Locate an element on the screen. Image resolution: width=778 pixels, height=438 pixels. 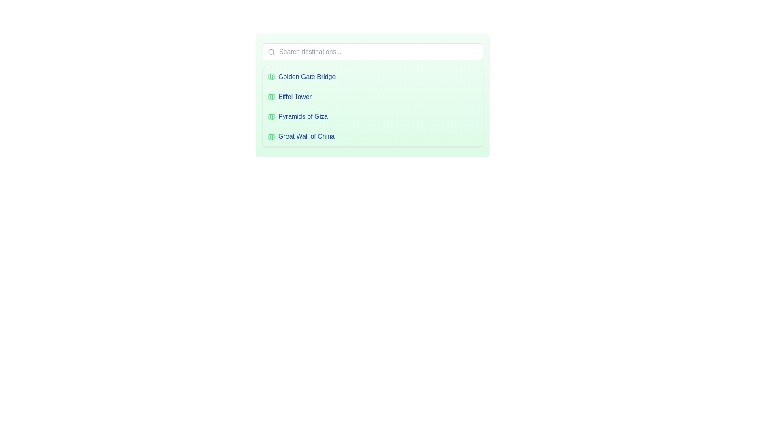
the map-related destination icon located to the left of the text 'Eiffel Tower' in the vertically stacked list of items is located at coordinates (271, 97).